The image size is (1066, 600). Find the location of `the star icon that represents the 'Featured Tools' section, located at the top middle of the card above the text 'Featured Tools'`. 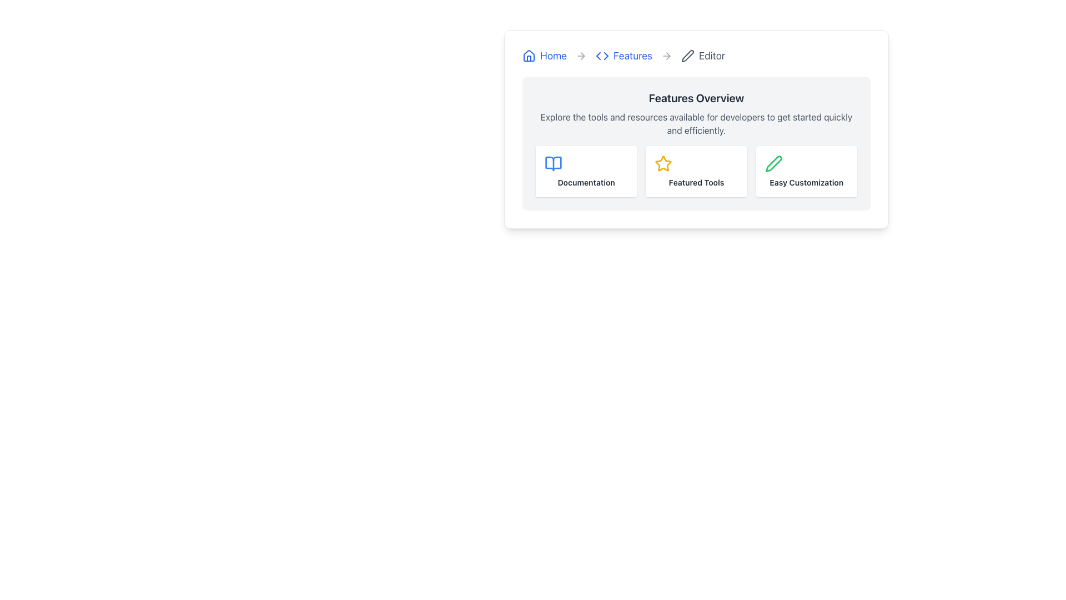

the star icon that represents the 'Featured Tools' section, located at the top middle of the card above the text 'Featured Tools' is located at coordinates (663, 163).